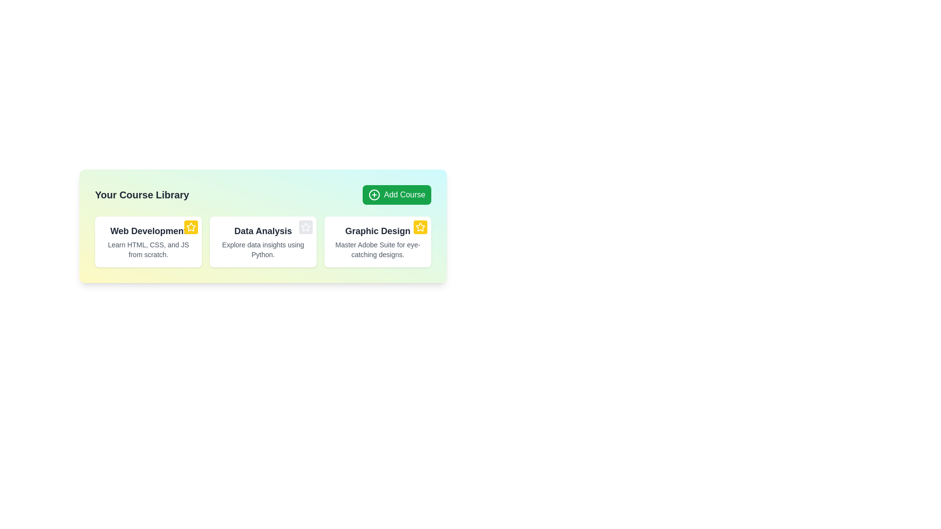  I want to click on the supplementary text description located beneath the 'Graphic Design' header in the course list, so click(377, 249).